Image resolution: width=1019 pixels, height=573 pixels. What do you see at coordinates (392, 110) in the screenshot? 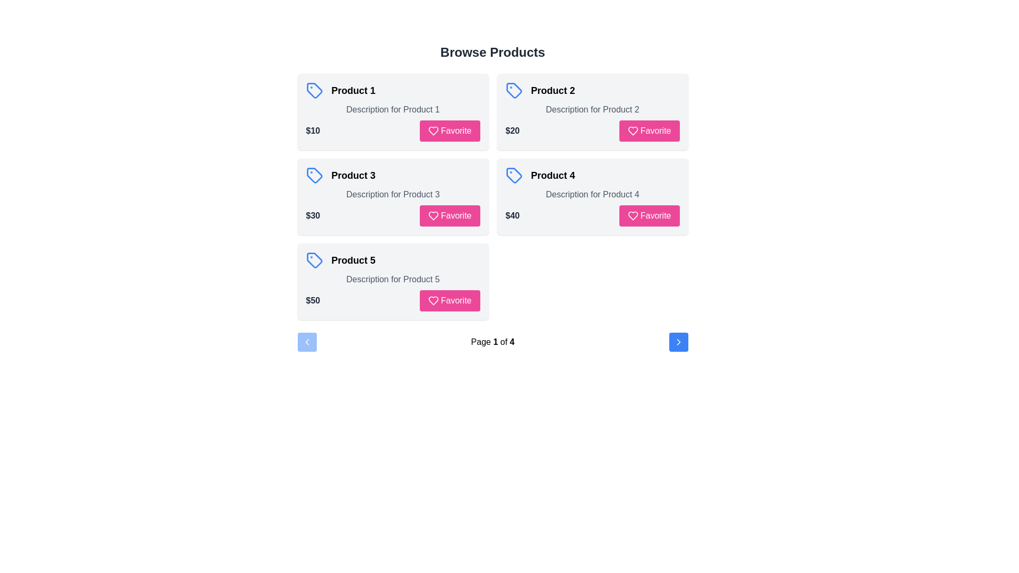
I see `the text label providing details about 'Product 1', located in the upper-left product card, below the title and above the price` at bounding box center [392, 110].